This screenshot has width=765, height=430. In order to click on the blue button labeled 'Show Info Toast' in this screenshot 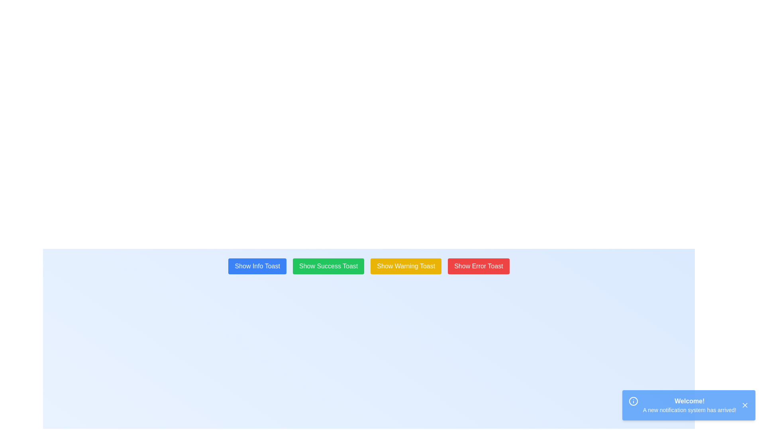, I will do `click(257, 266)`.